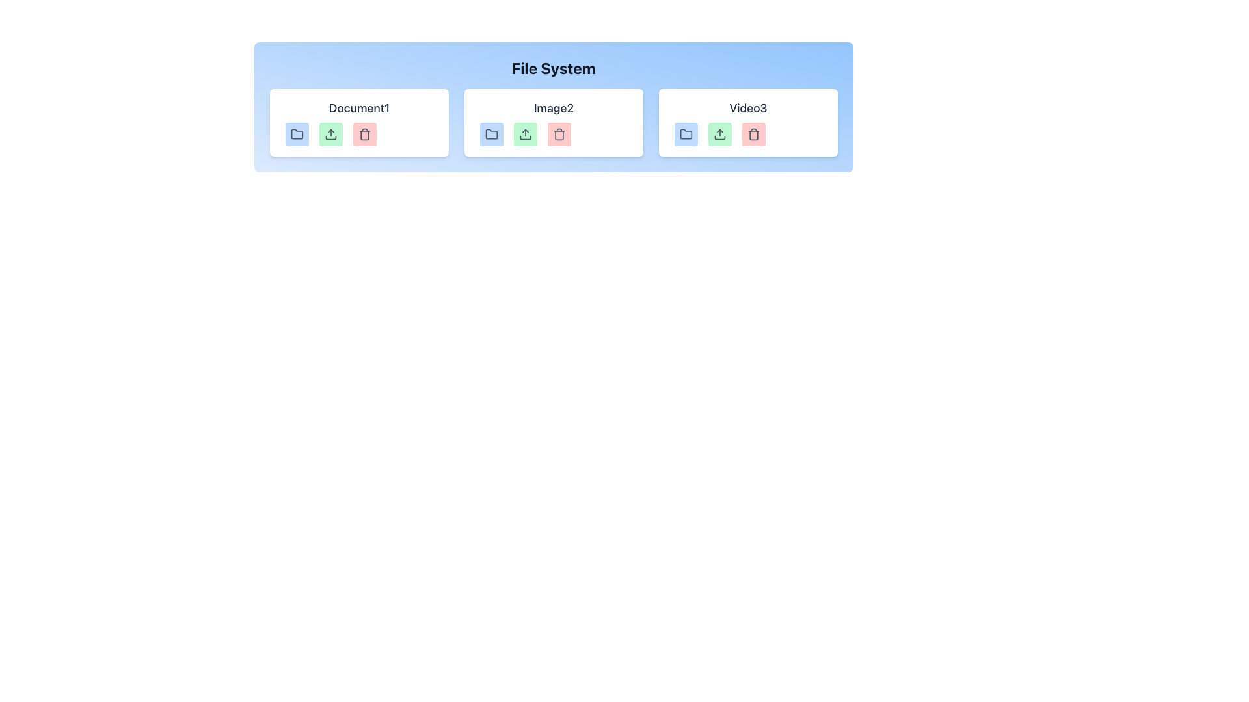 The height and width of the screenshot is (702, 1249). I want to click on the light green button with a white upward arrow icon, located between the blue folder icon and the red trash bin icon, under the 'Image2' label, so click(525, 135).